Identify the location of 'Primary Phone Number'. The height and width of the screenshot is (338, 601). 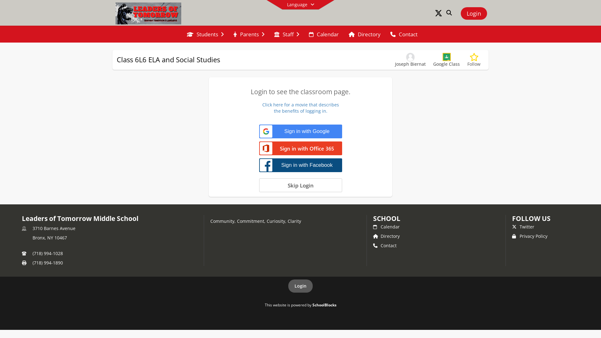
(22, 253).